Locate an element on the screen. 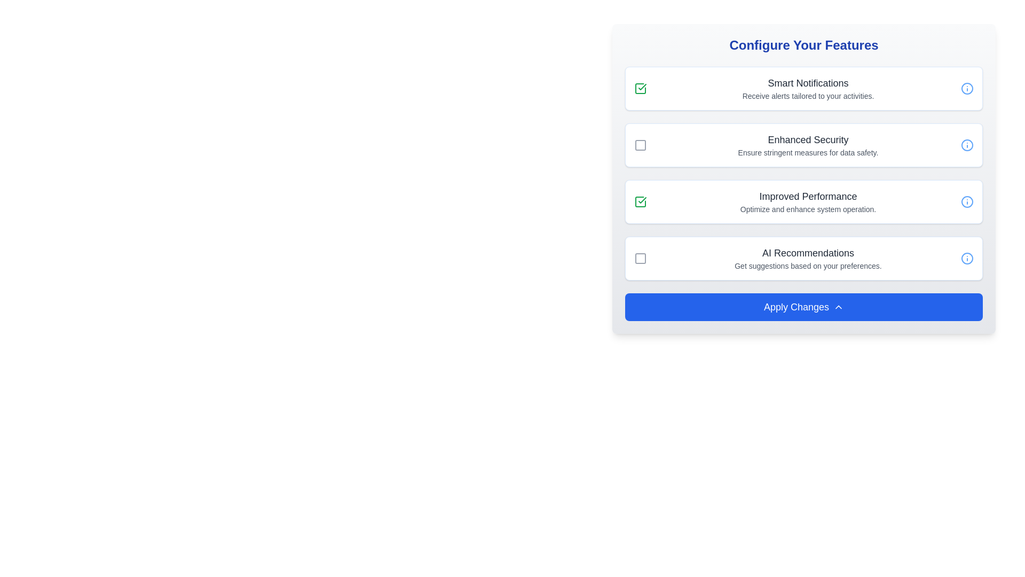  the Text Label providing information about the 'Improved Performance' feature, located below the title text in the third row of the feature configuration list is located at coordinates (808, 209).